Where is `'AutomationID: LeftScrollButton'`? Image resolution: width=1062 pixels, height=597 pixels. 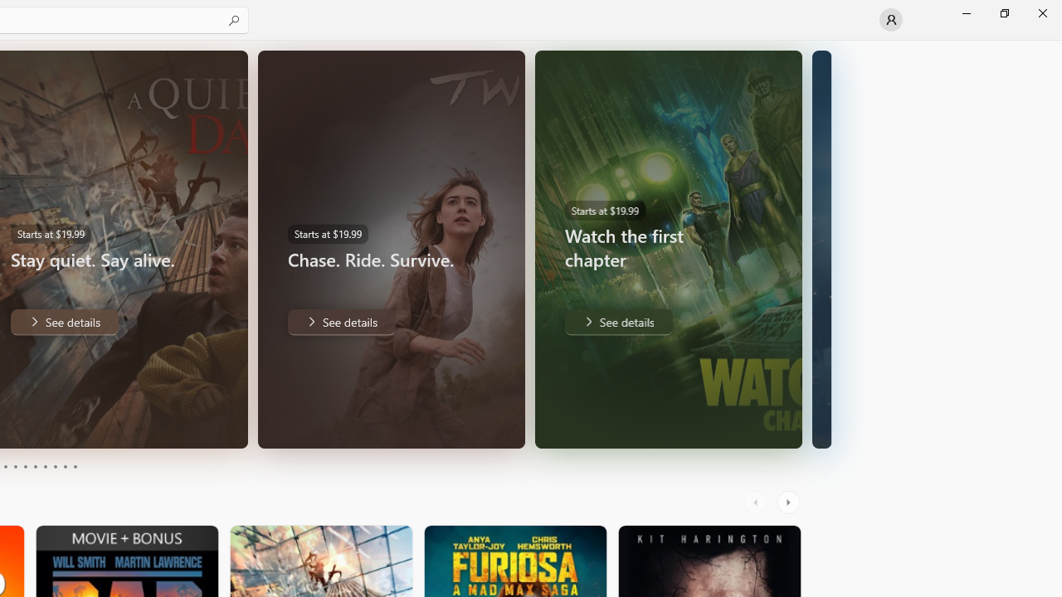
'AutomationID: LeftScrollButton' is located at coordinates (757, 502).